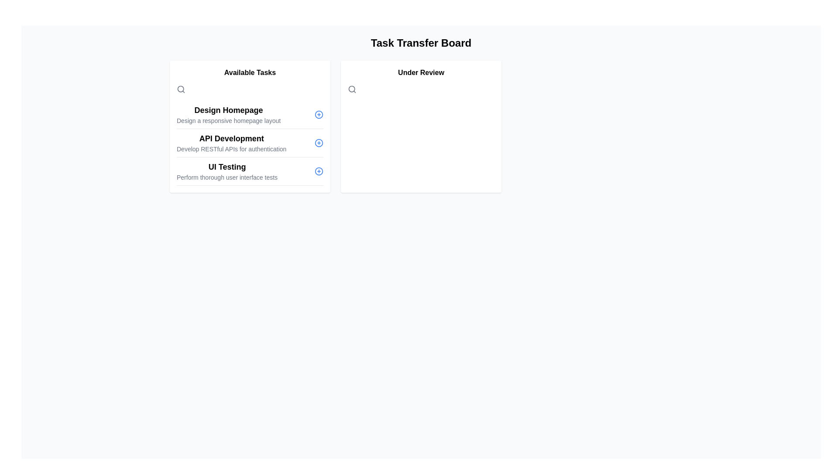  I want to click on text content of the bolded heading 'Design Homepage' located in the 'Available Tasks' section of the left panel, so click(229, 110).